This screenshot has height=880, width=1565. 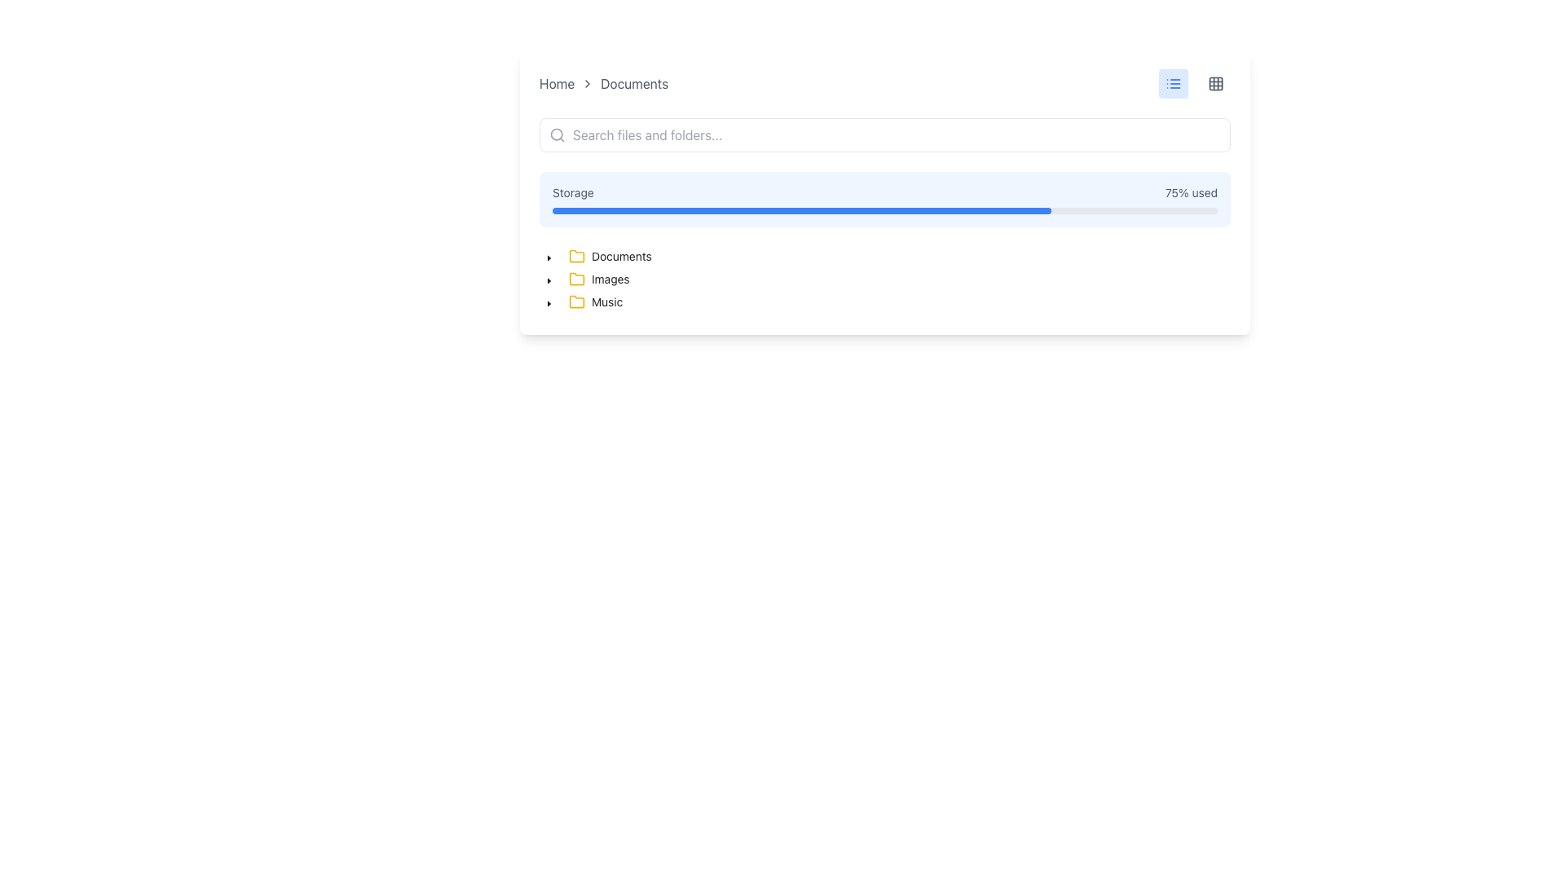 I want to click on the decorative icon element located at the center of the upper-right corner of the interface, which is part of a grid layout, so click(x=1216, y=84).